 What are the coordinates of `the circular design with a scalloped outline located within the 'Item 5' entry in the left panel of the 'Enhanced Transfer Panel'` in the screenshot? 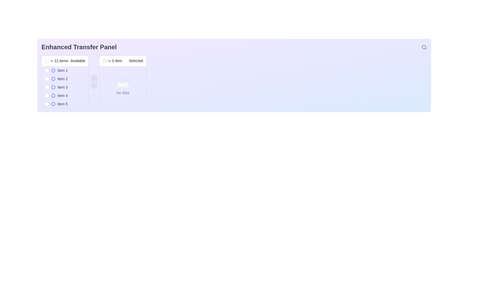 It's located at (53, 104).